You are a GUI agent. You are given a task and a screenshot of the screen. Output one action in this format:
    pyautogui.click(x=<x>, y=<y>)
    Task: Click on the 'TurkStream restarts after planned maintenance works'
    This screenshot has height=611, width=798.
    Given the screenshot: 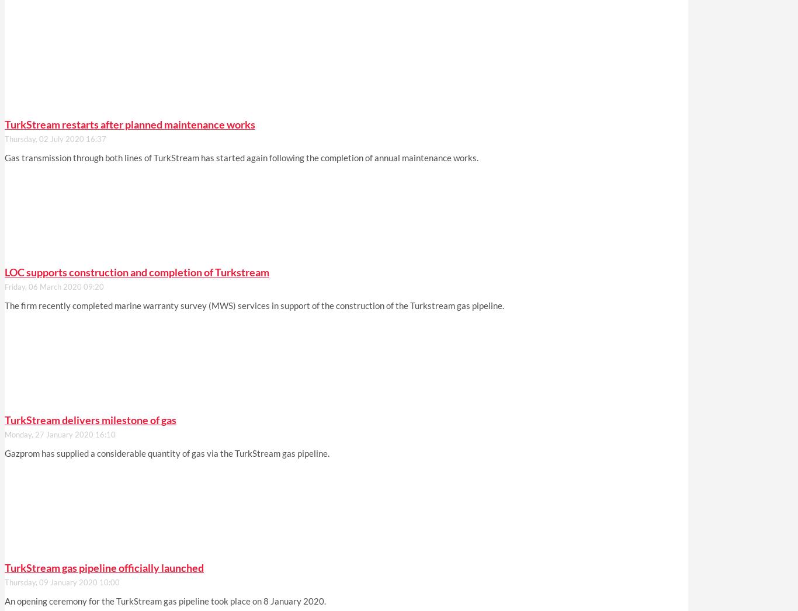 What is the action you would take?
    pyautogui.click(x=129, y=123)
    